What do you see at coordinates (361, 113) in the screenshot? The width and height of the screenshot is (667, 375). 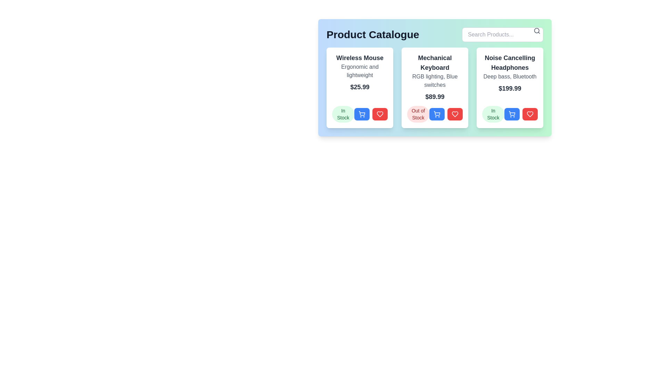 I see `the add to cart button located below the 'Wireless Mouse' product card, which is the middle button in the row of action buttons` at bounding box center [361, 113].